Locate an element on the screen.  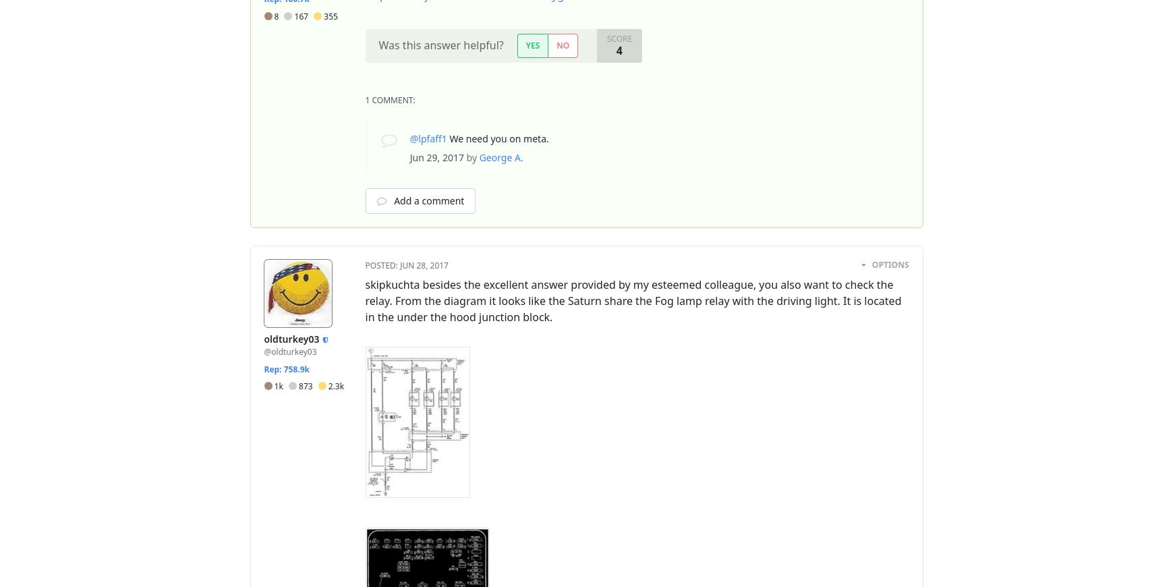
'No' is located at coordinates (555, 45).